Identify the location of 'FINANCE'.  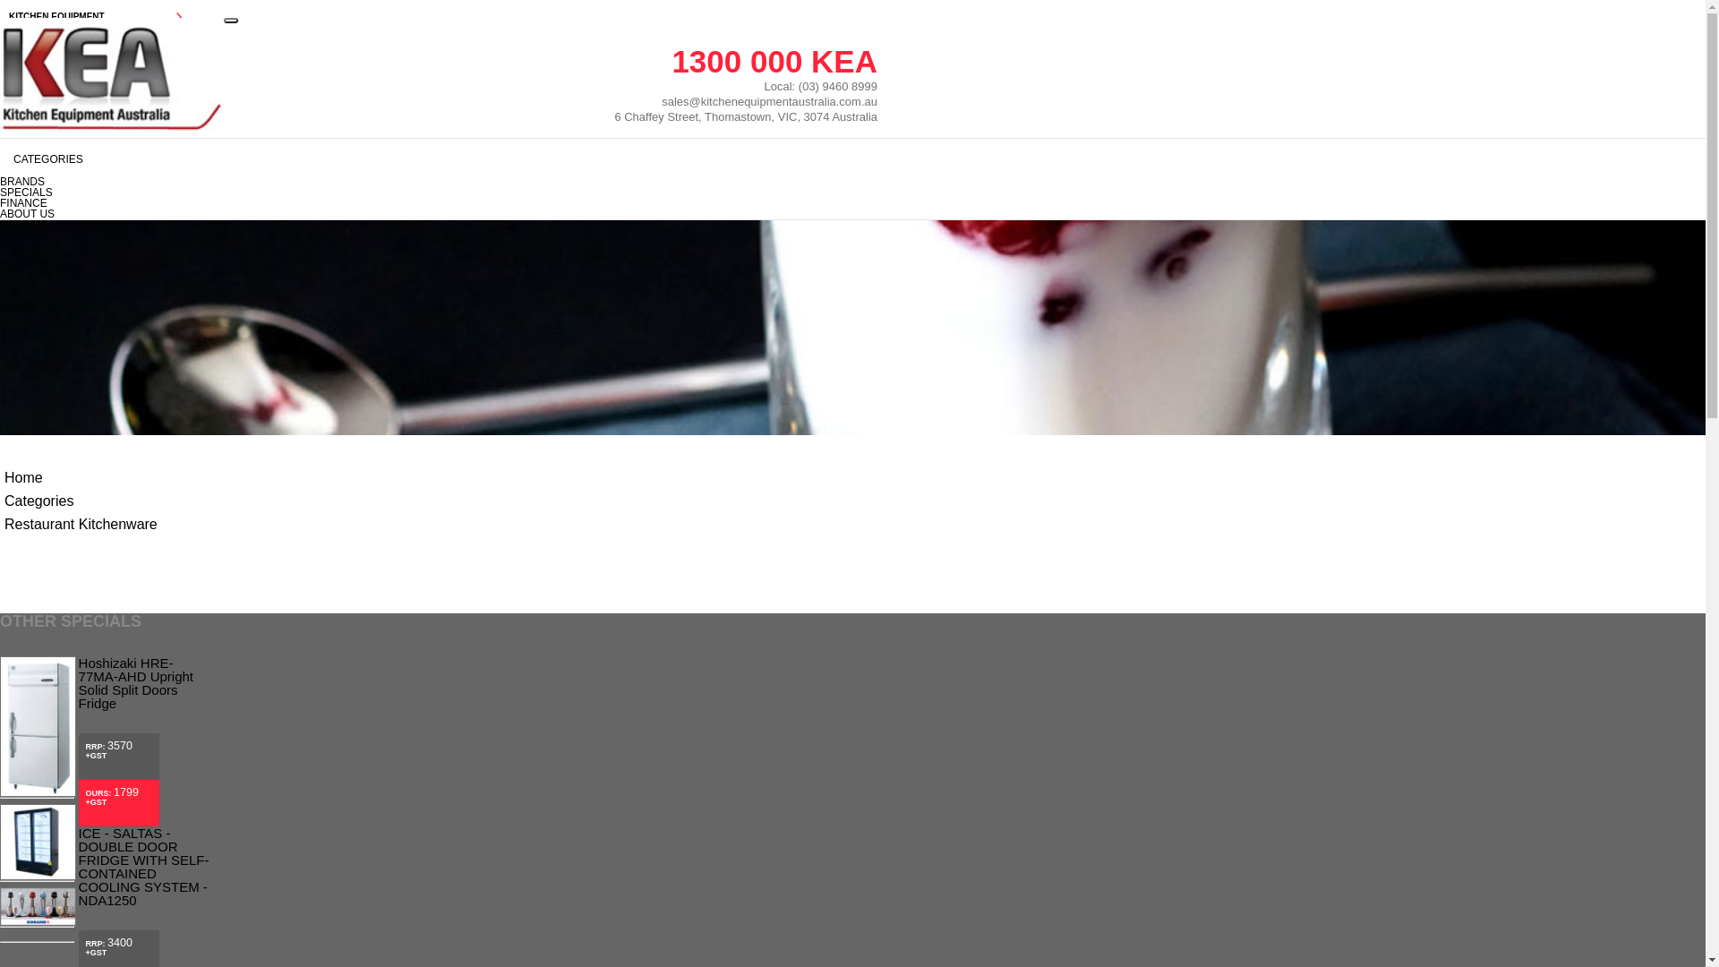
(0, 202).